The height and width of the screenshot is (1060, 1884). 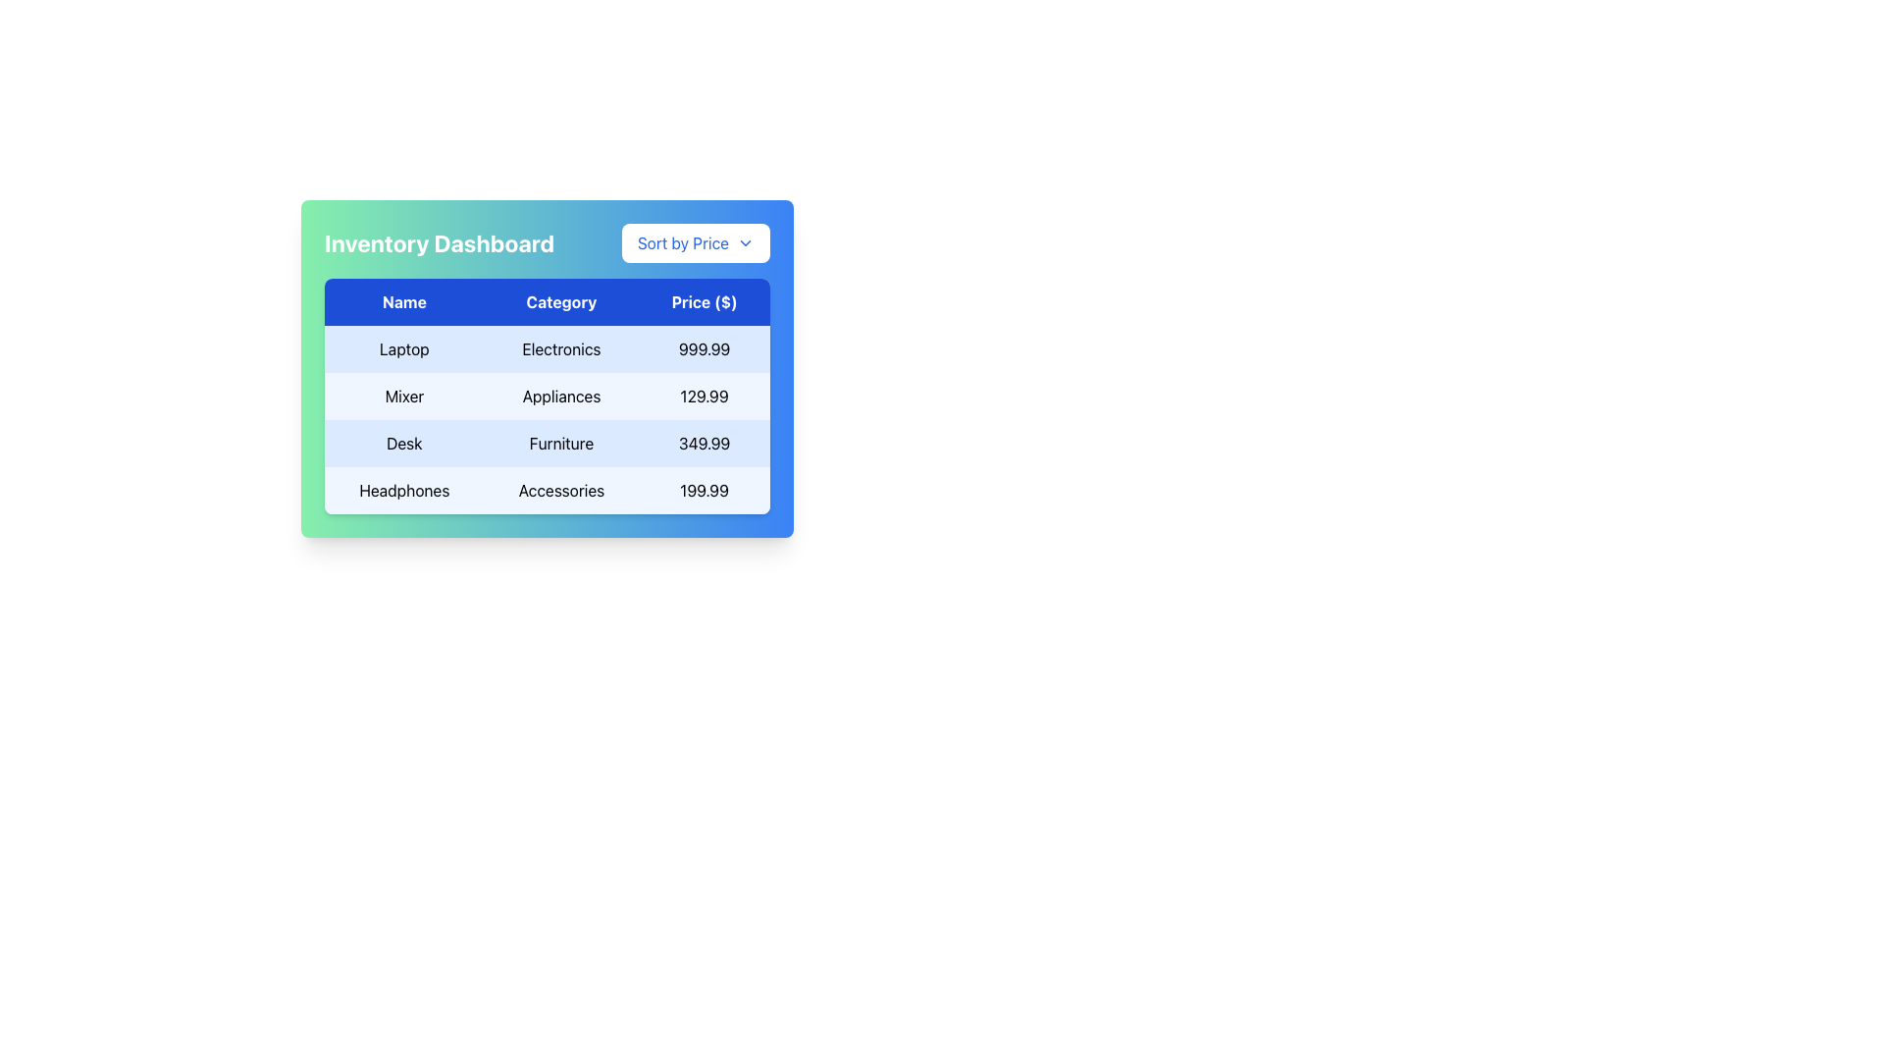 I want to click on the static text label displaying the price of the 'Mixer' item, which is the third column in the row labeled 'Mixer', so click(x=705, y=397).